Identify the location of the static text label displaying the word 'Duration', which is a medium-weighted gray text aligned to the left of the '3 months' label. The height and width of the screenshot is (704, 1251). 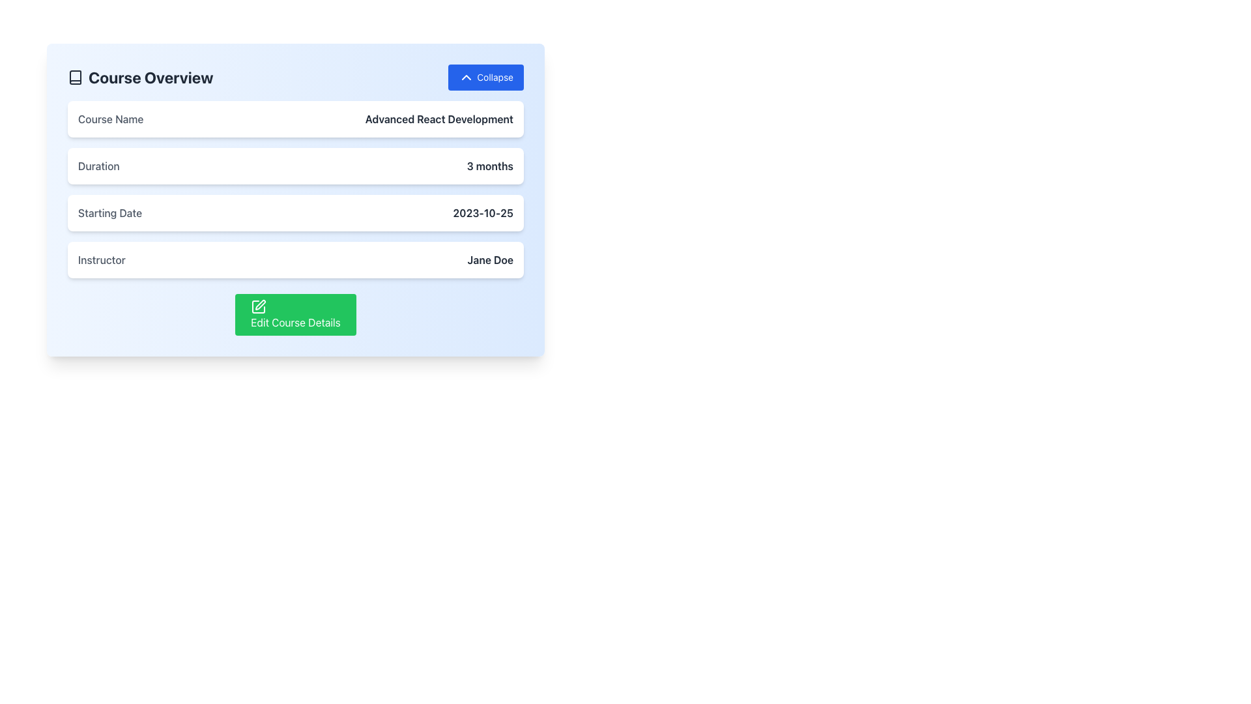
(98, 165).